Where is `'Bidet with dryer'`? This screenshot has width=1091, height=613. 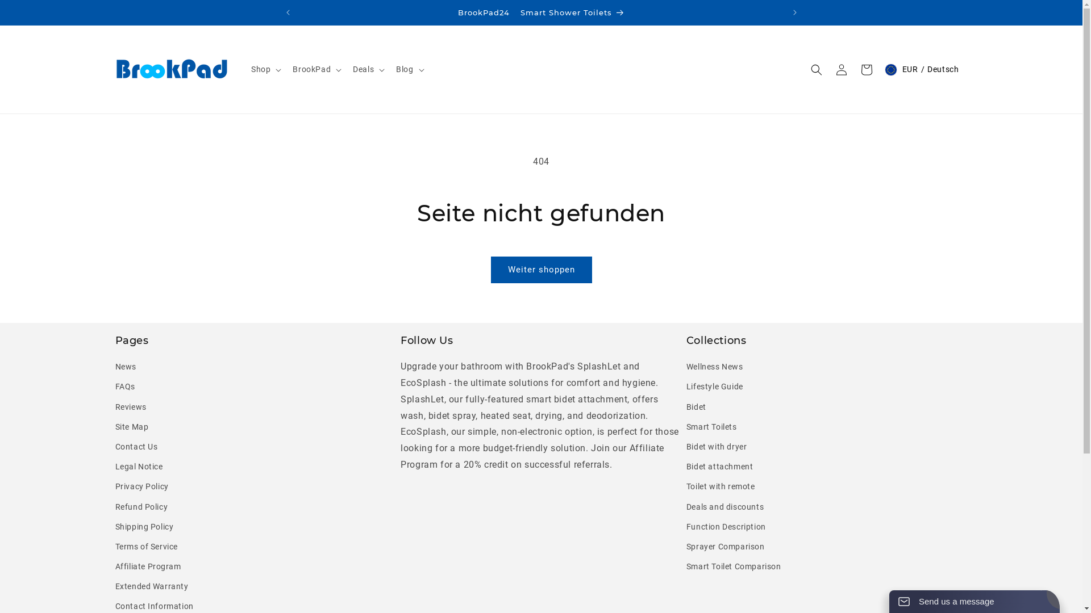
'Bidet with dryer' is located at coordinates (716, 446).